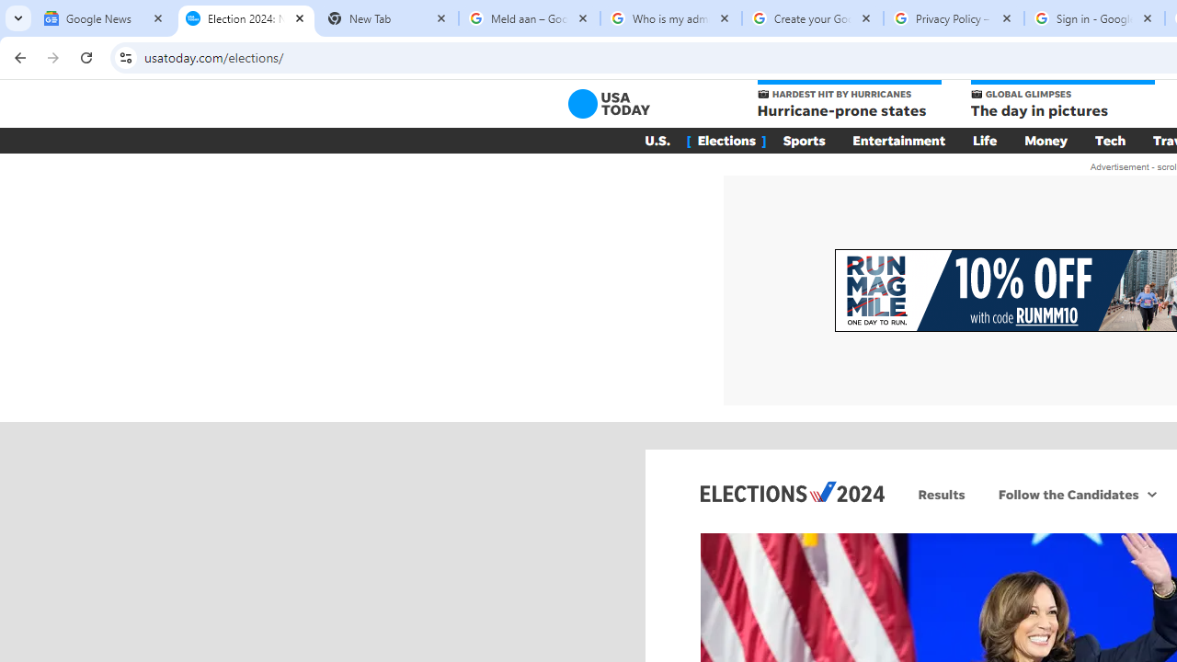 This screenshot has width=1177, height=662. What do you see at coordinates (1046, 140) in the screenshot?
I see `'Money'` at bounding box center [1046, 140].